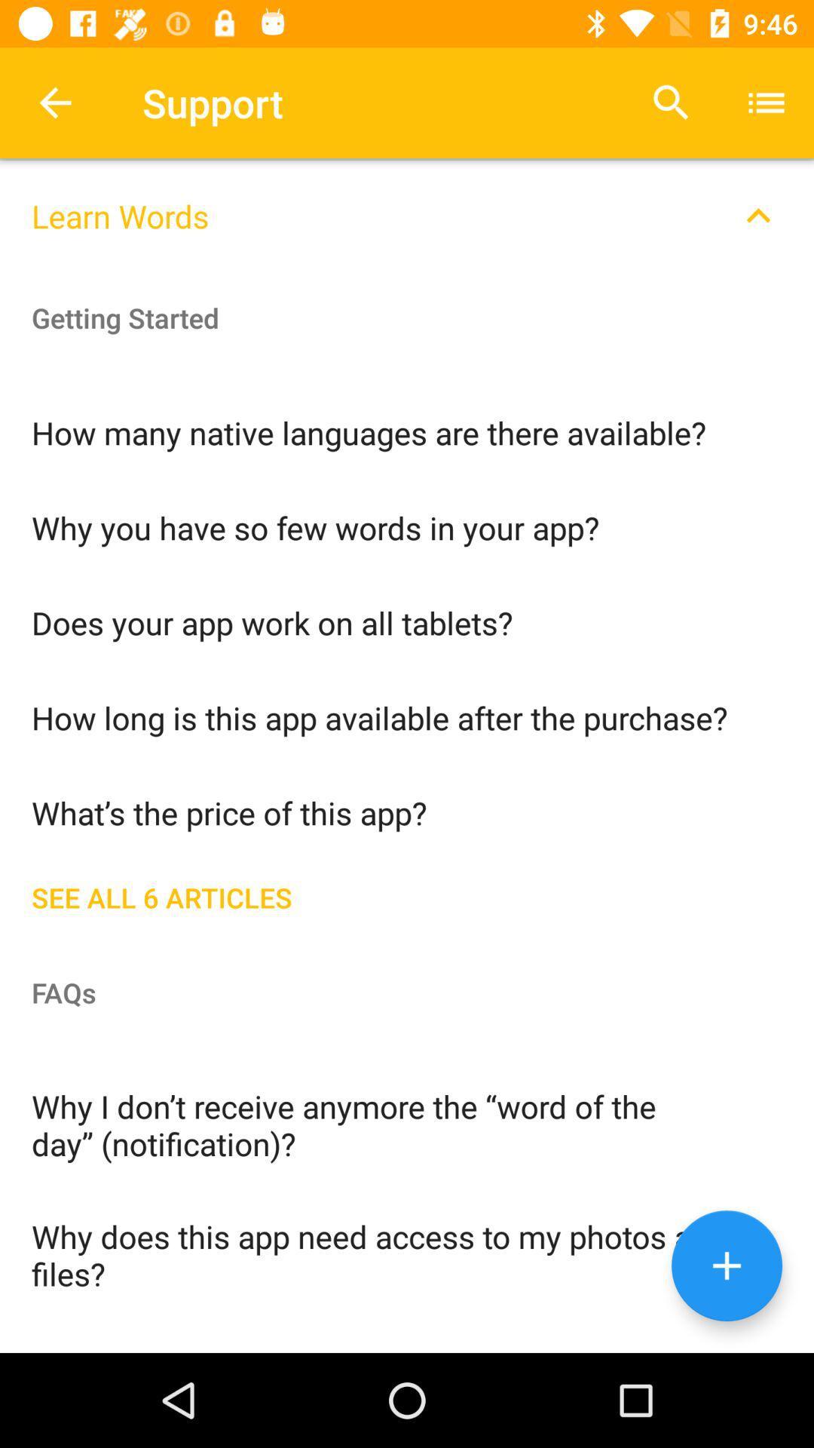 This screenshot has height=1448, width=814. What do you see at coordinates (726, 1265) in the screenshot?
I see `adding button` at bounding box center [726, 1265].